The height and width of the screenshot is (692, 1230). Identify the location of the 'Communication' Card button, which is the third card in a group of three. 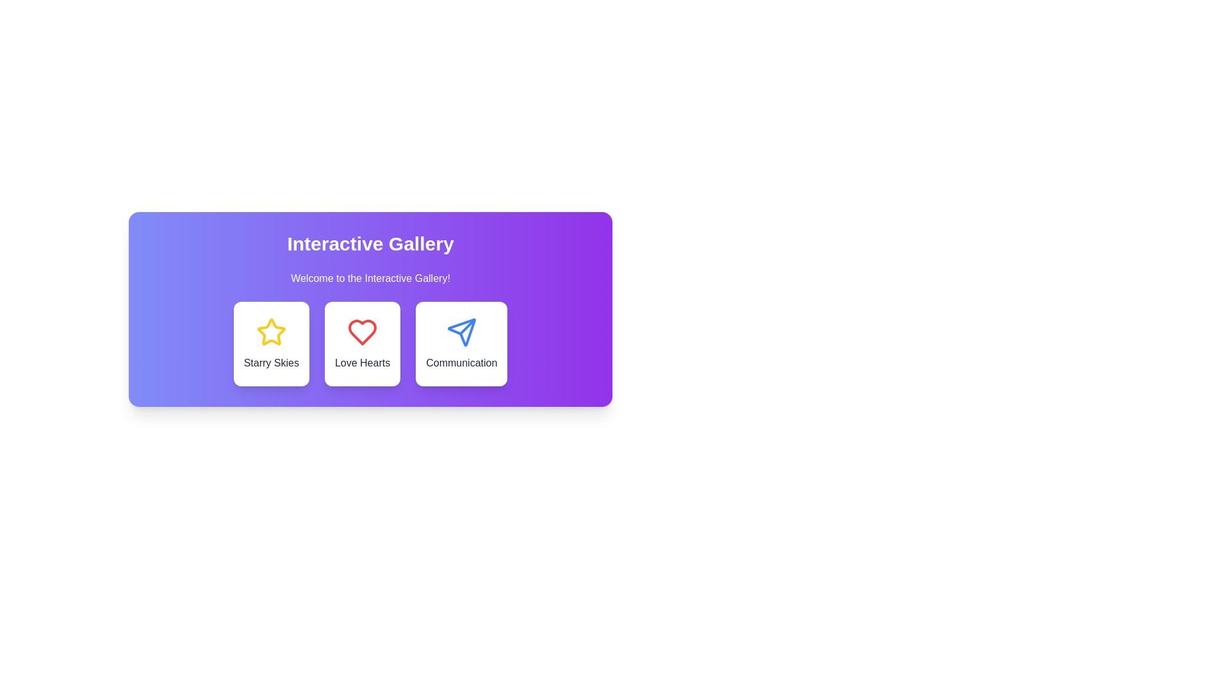
(461, 343).